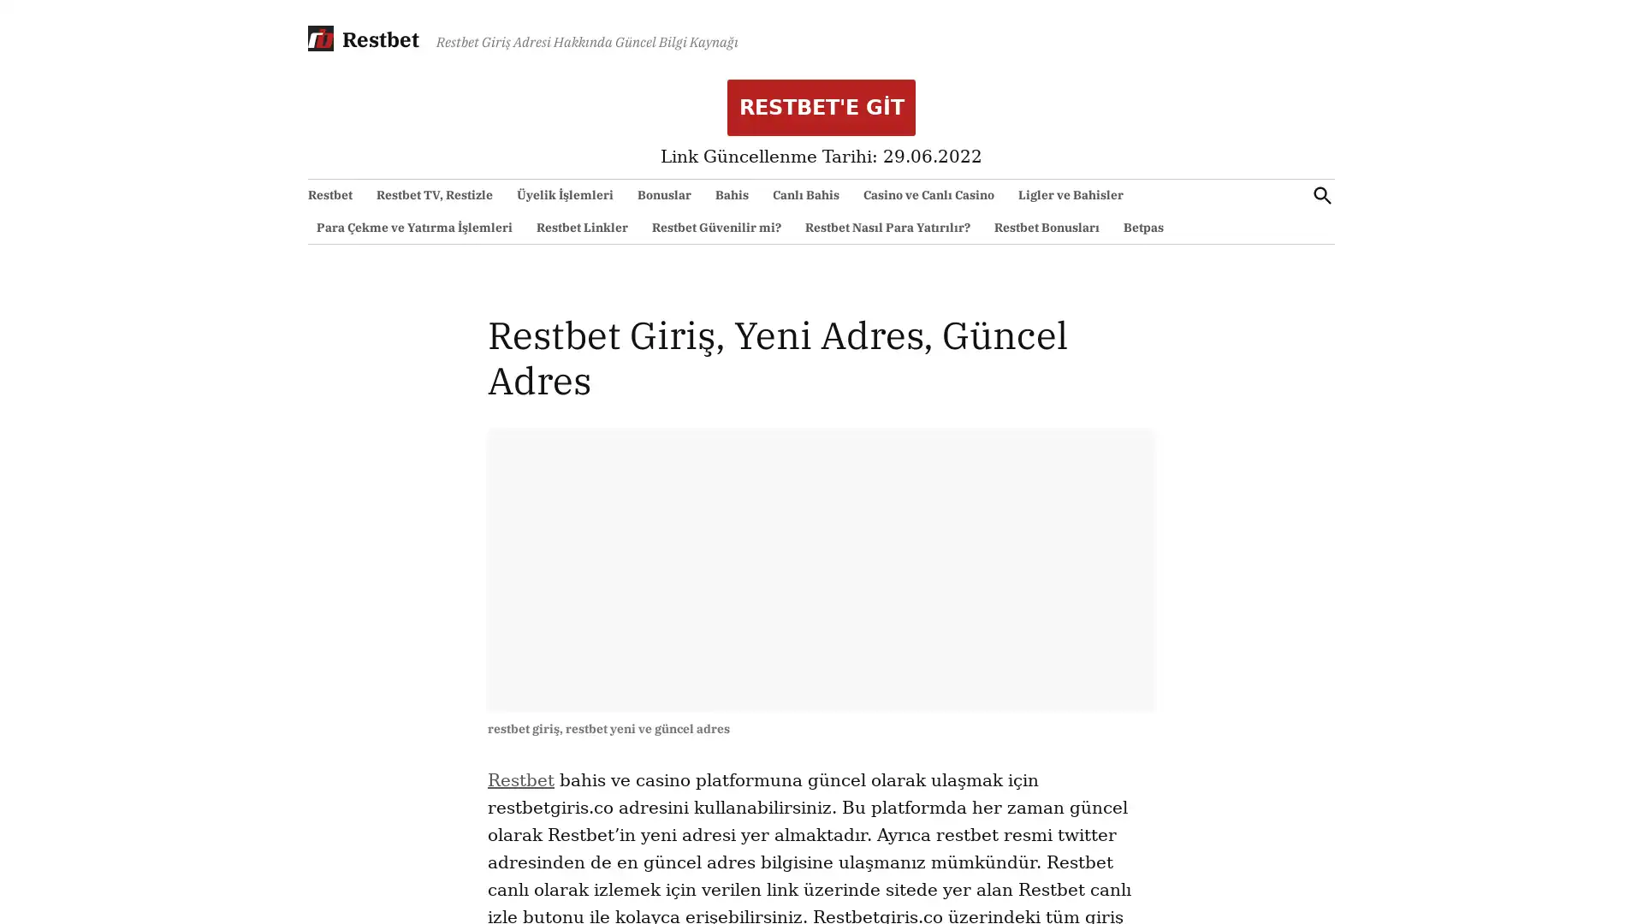 The image size is (1643, 924). What do you see at coordinates (1321, 194) in the screenshot?
I see `Open Search` at bounding box center [1321, 194].